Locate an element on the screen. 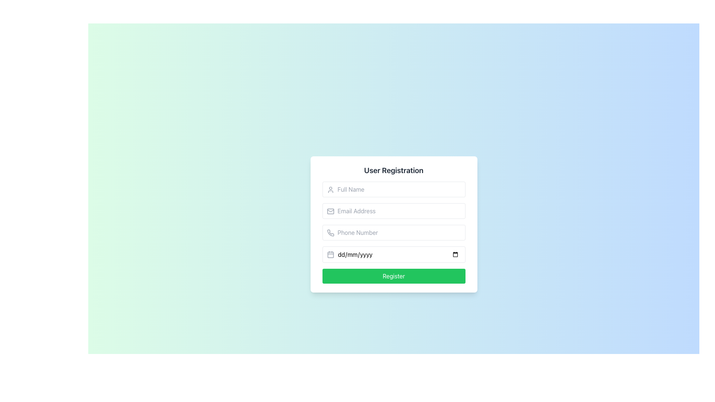 Image resolution: width=715 pixels, height=402 pixels. the Date Input Field, which is the fourth input field in the user registration form, to trigger focus effects is located at coordinates (393, 254).